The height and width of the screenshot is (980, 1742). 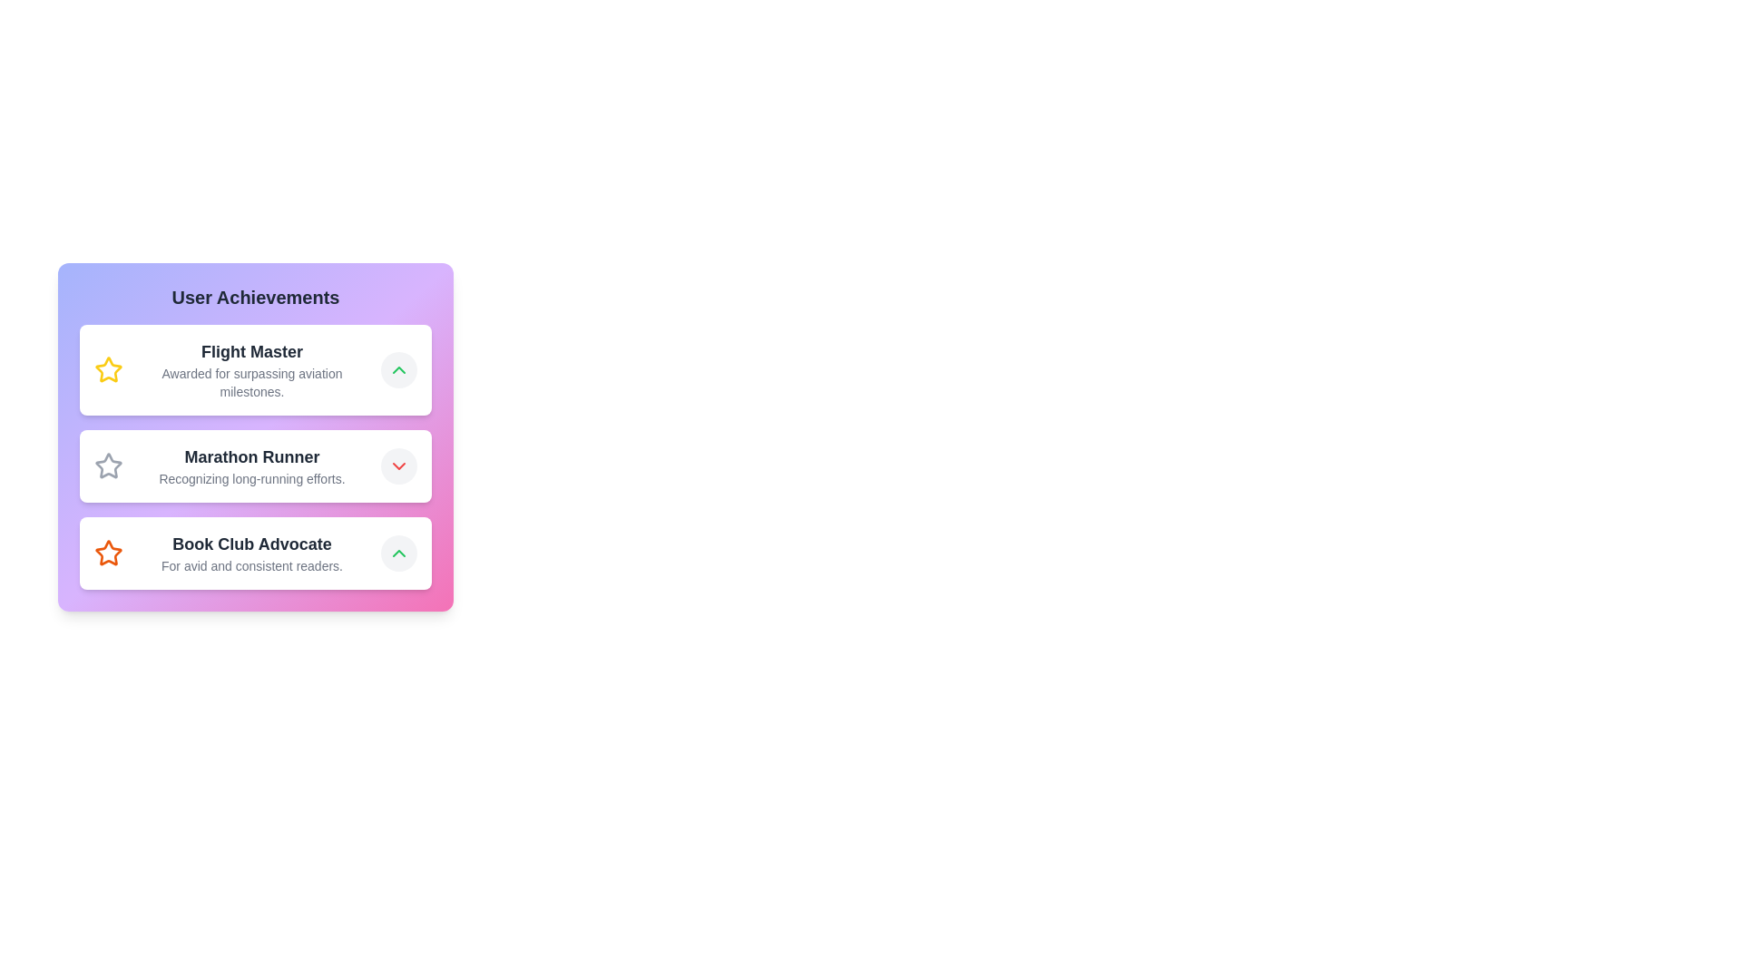 What do you see at coordinates (398, 552) in the screenshot?
I see `the Chevron Up icon located at the top-right corner of the 'Flight Master' achievement card in the 'User Achievements' section to expand or collapse detailed information` at bounding box center [398, 552].